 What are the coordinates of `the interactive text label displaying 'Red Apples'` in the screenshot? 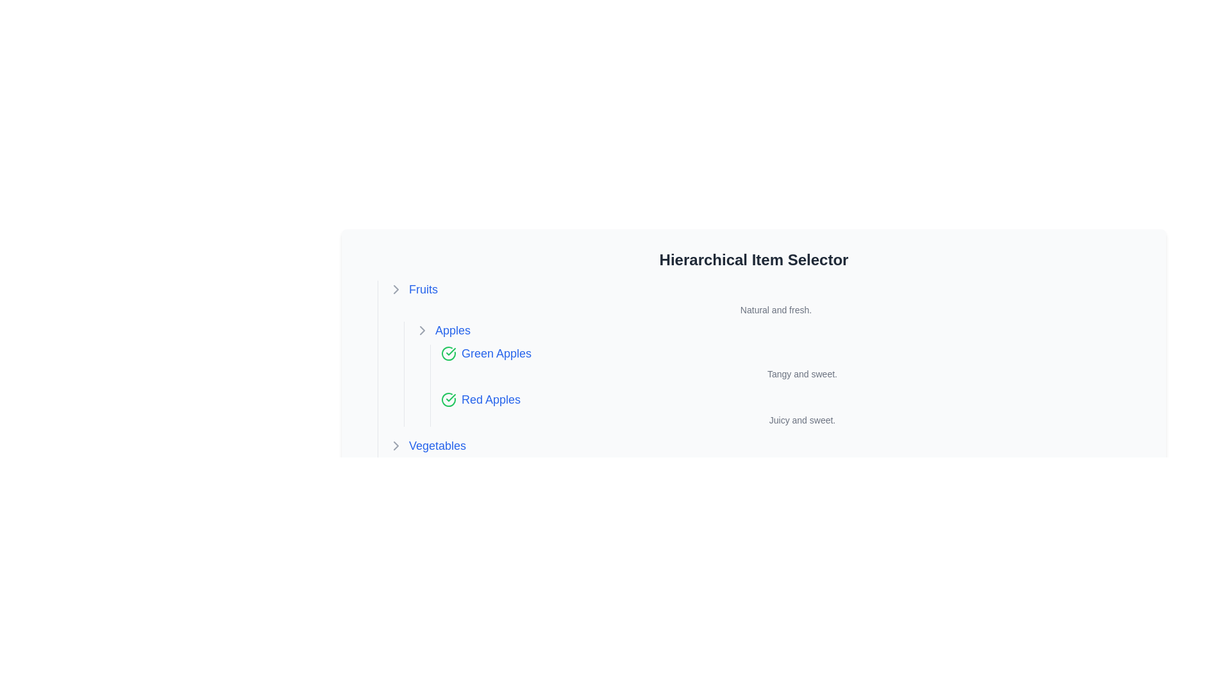 It's located at (490, 399).